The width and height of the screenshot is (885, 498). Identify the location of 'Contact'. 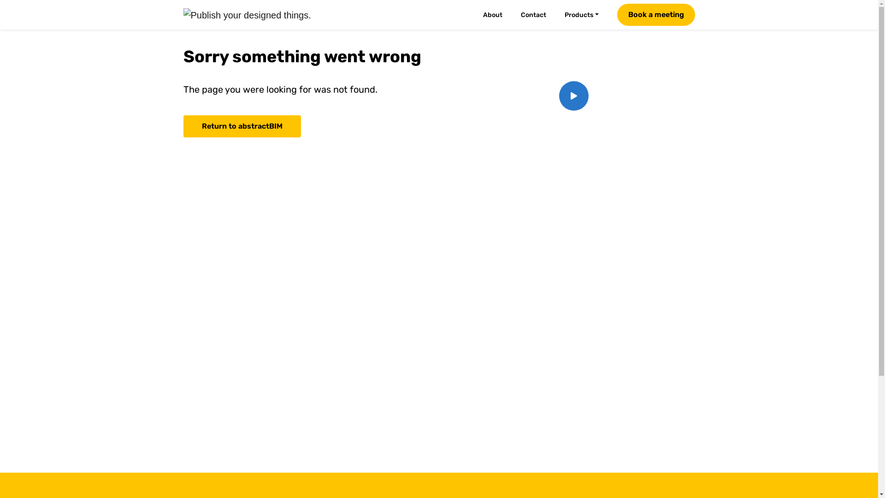
(539, 15).